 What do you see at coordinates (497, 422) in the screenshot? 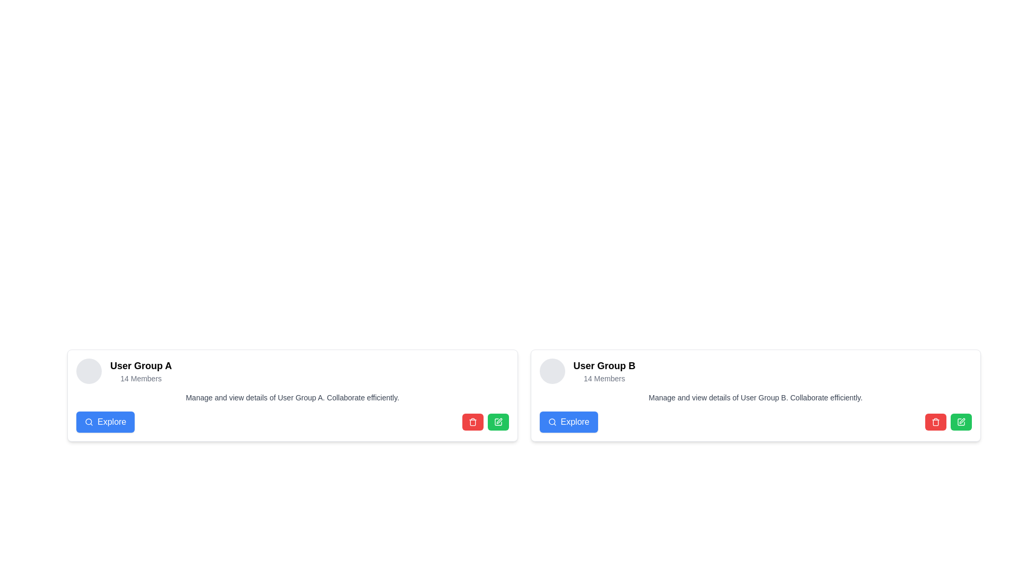
I see `the edit icon button within the green button located at the bottom right of the 'User Group A' card` at bounding box center [497, 422].